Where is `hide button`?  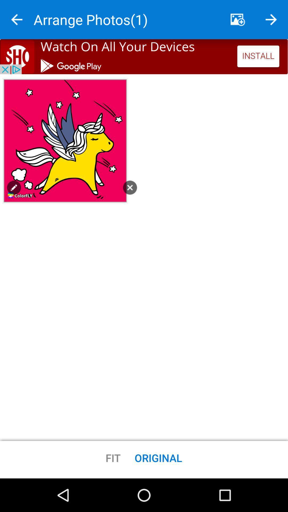
hide button is located at coordinates (237, 19).